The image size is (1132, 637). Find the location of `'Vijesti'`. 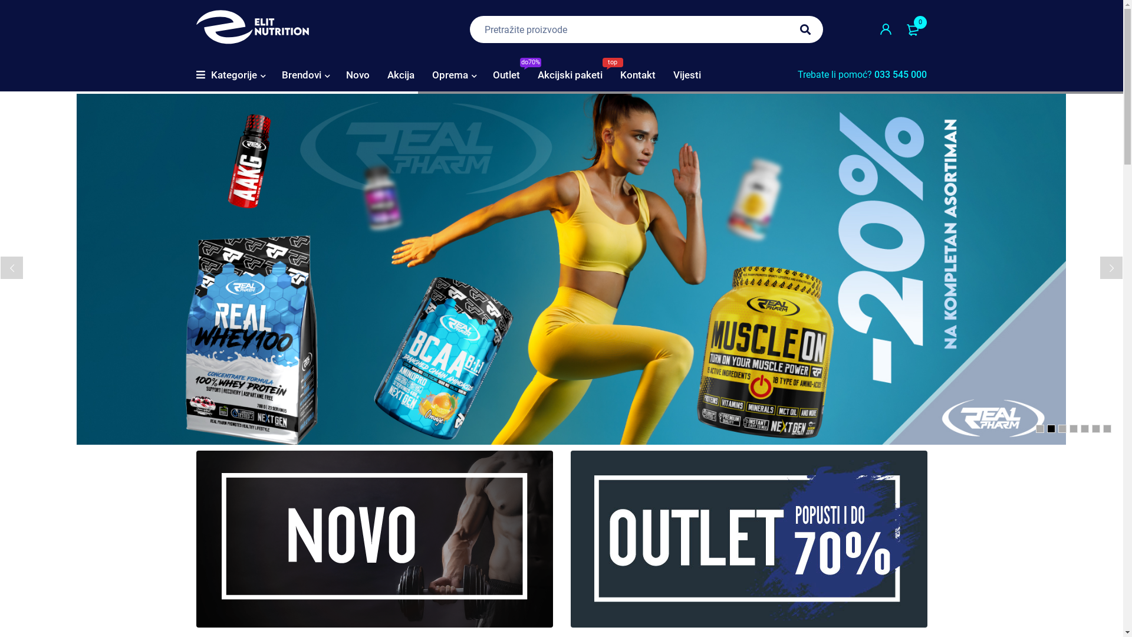

'Vijesti' is located at coordinates (673, 75).